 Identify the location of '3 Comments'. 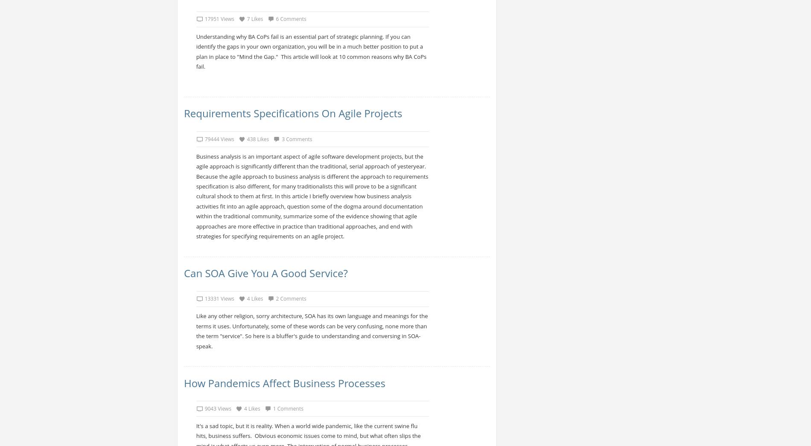
(297, 138).